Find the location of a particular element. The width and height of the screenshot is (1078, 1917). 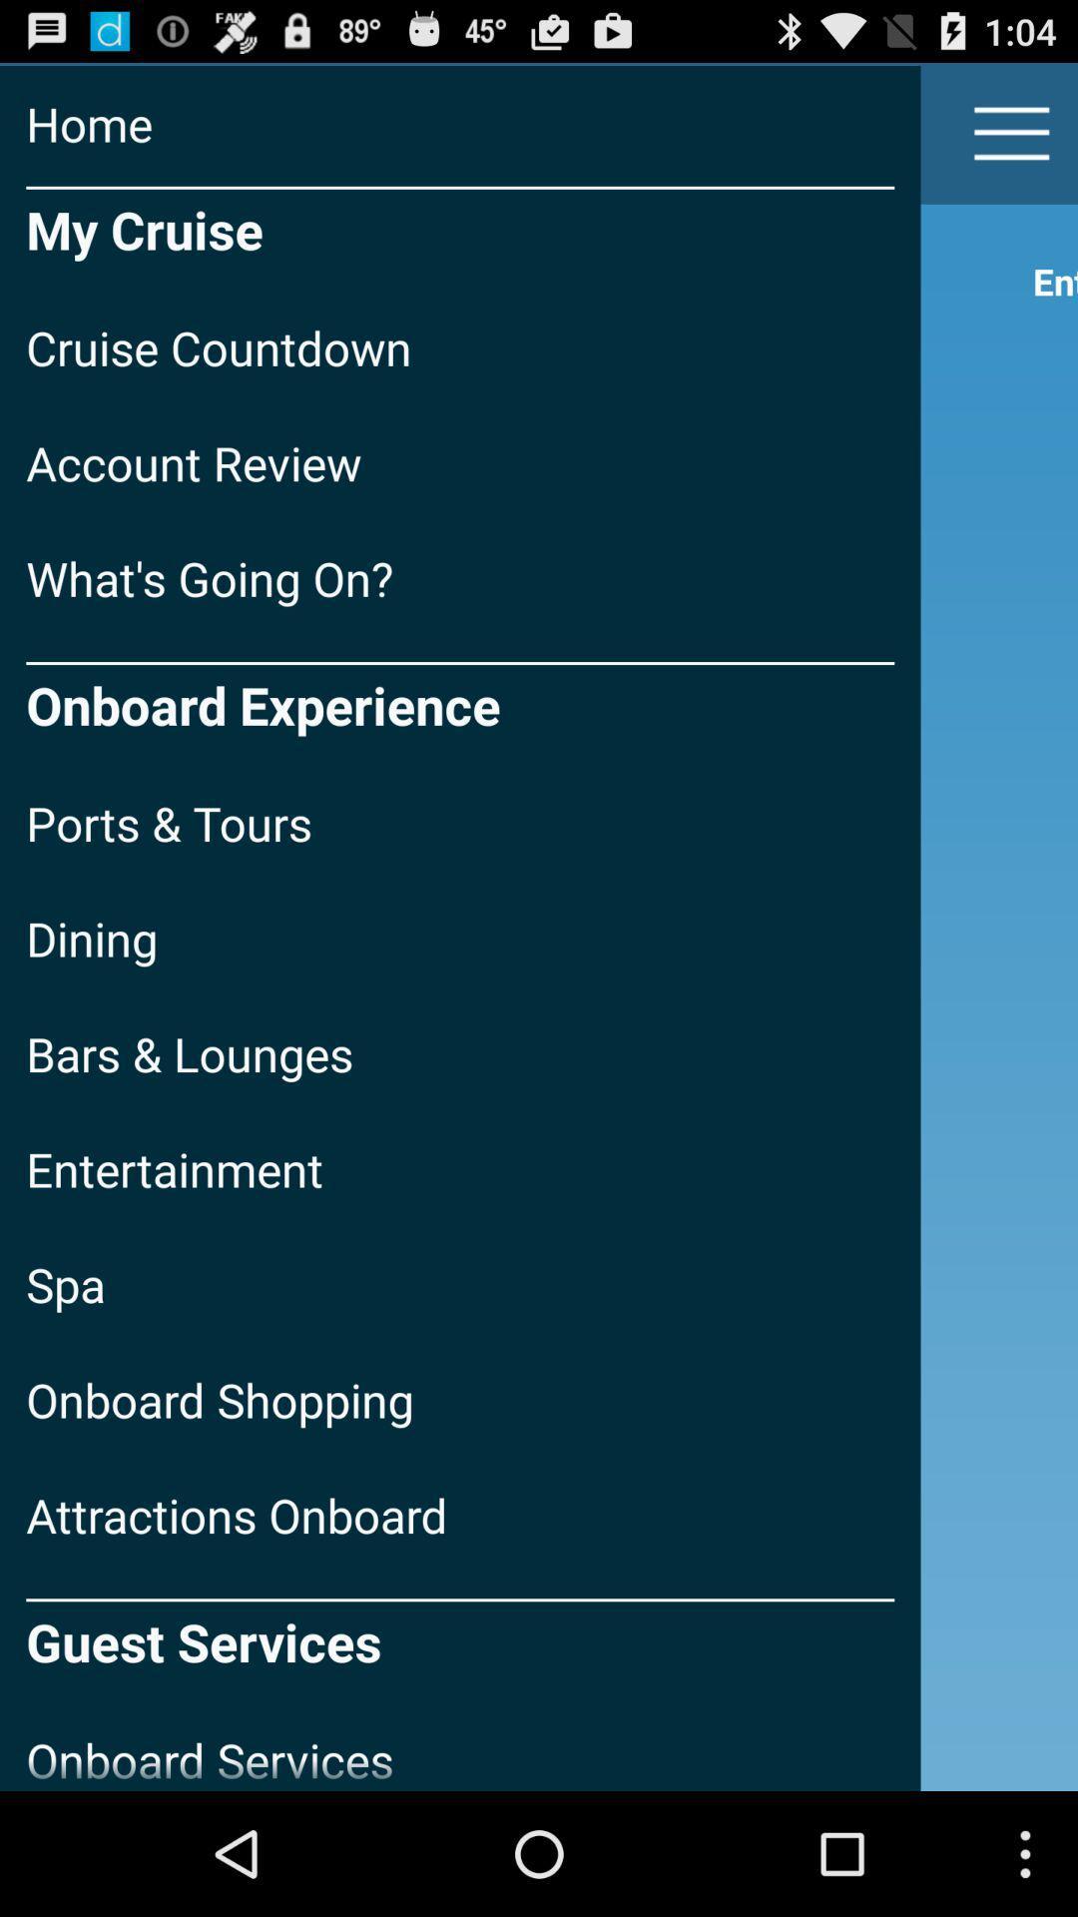

the menu icon is located at coordinates (1012, 142).